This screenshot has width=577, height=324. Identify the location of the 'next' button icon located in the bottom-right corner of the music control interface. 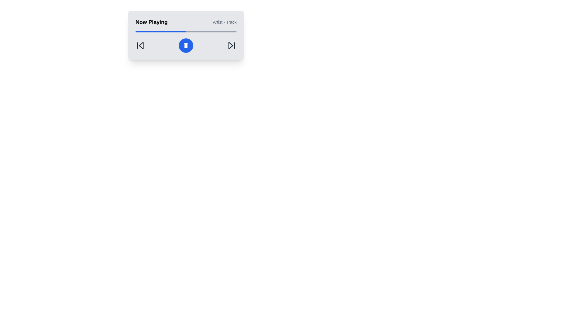
(230, 45).